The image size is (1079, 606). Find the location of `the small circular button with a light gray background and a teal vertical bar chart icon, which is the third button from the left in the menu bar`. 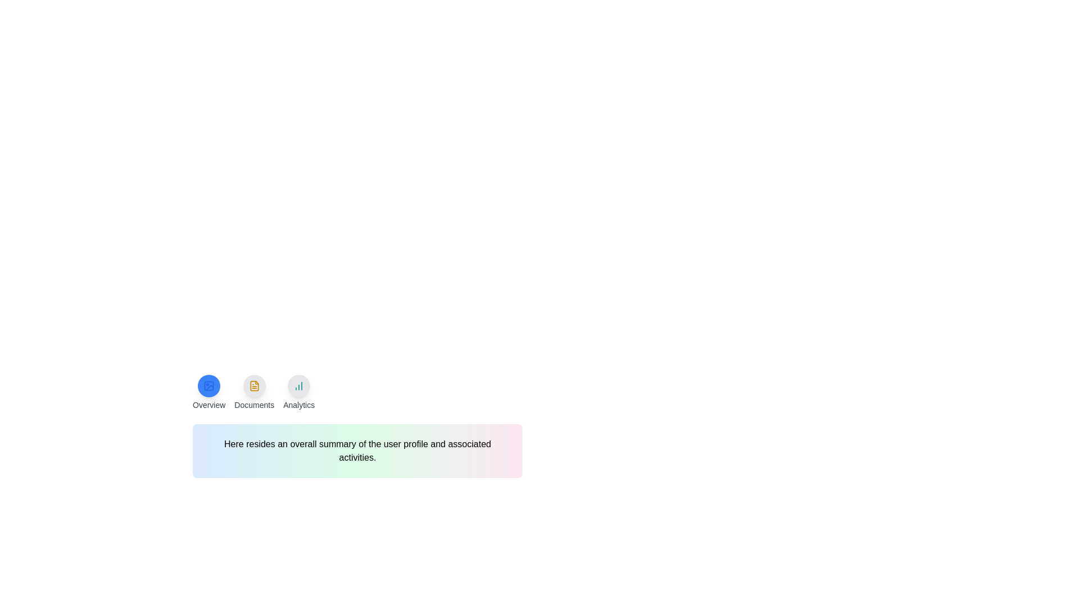

the small circular button with a light gray background and a teal vertical bar chart icon, which is the third button from the left in the menu bar is located at coordinates (299, 385).